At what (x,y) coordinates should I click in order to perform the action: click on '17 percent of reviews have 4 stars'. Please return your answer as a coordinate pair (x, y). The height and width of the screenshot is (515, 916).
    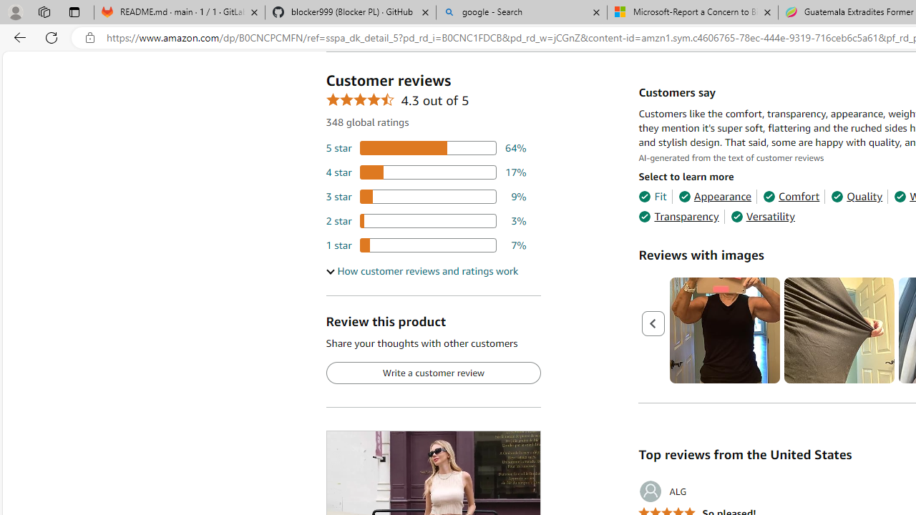
    Looking at the image, I should click on (425, 172).